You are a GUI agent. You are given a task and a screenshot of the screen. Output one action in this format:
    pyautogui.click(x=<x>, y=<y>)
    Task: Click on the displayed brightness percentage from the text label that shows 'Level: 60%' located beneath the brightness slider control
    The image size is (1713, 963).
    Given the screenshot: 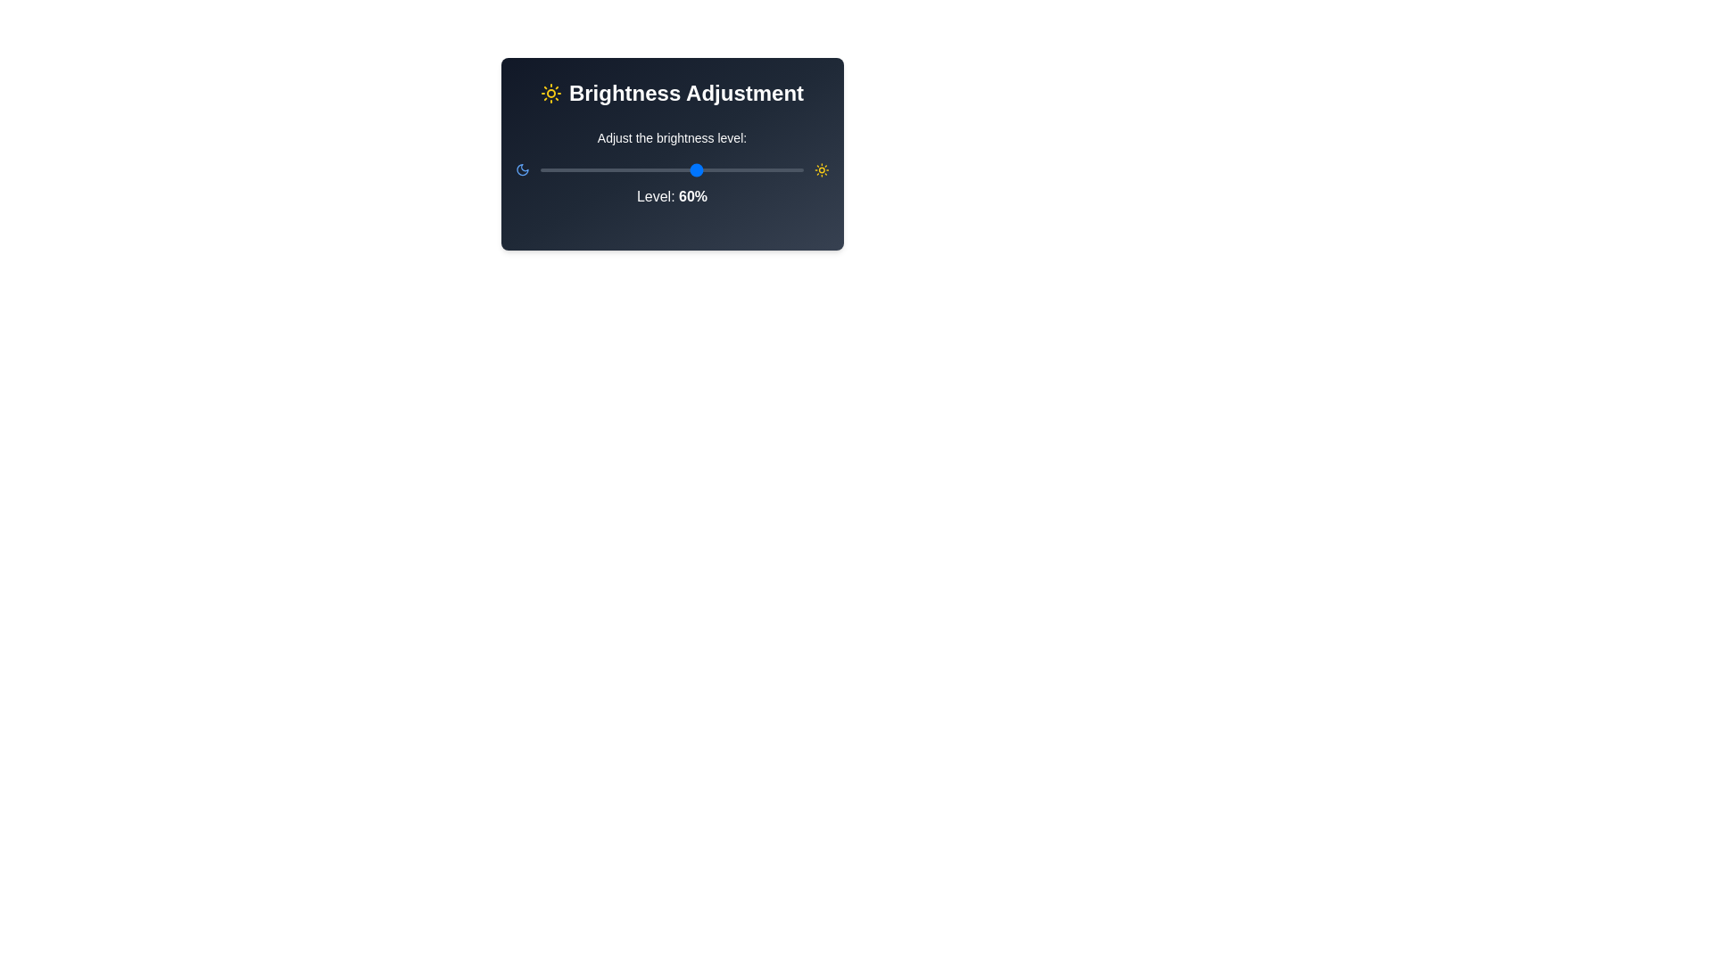 What is the action you would take?
    pyautogui.click(x=671, y=196)
    